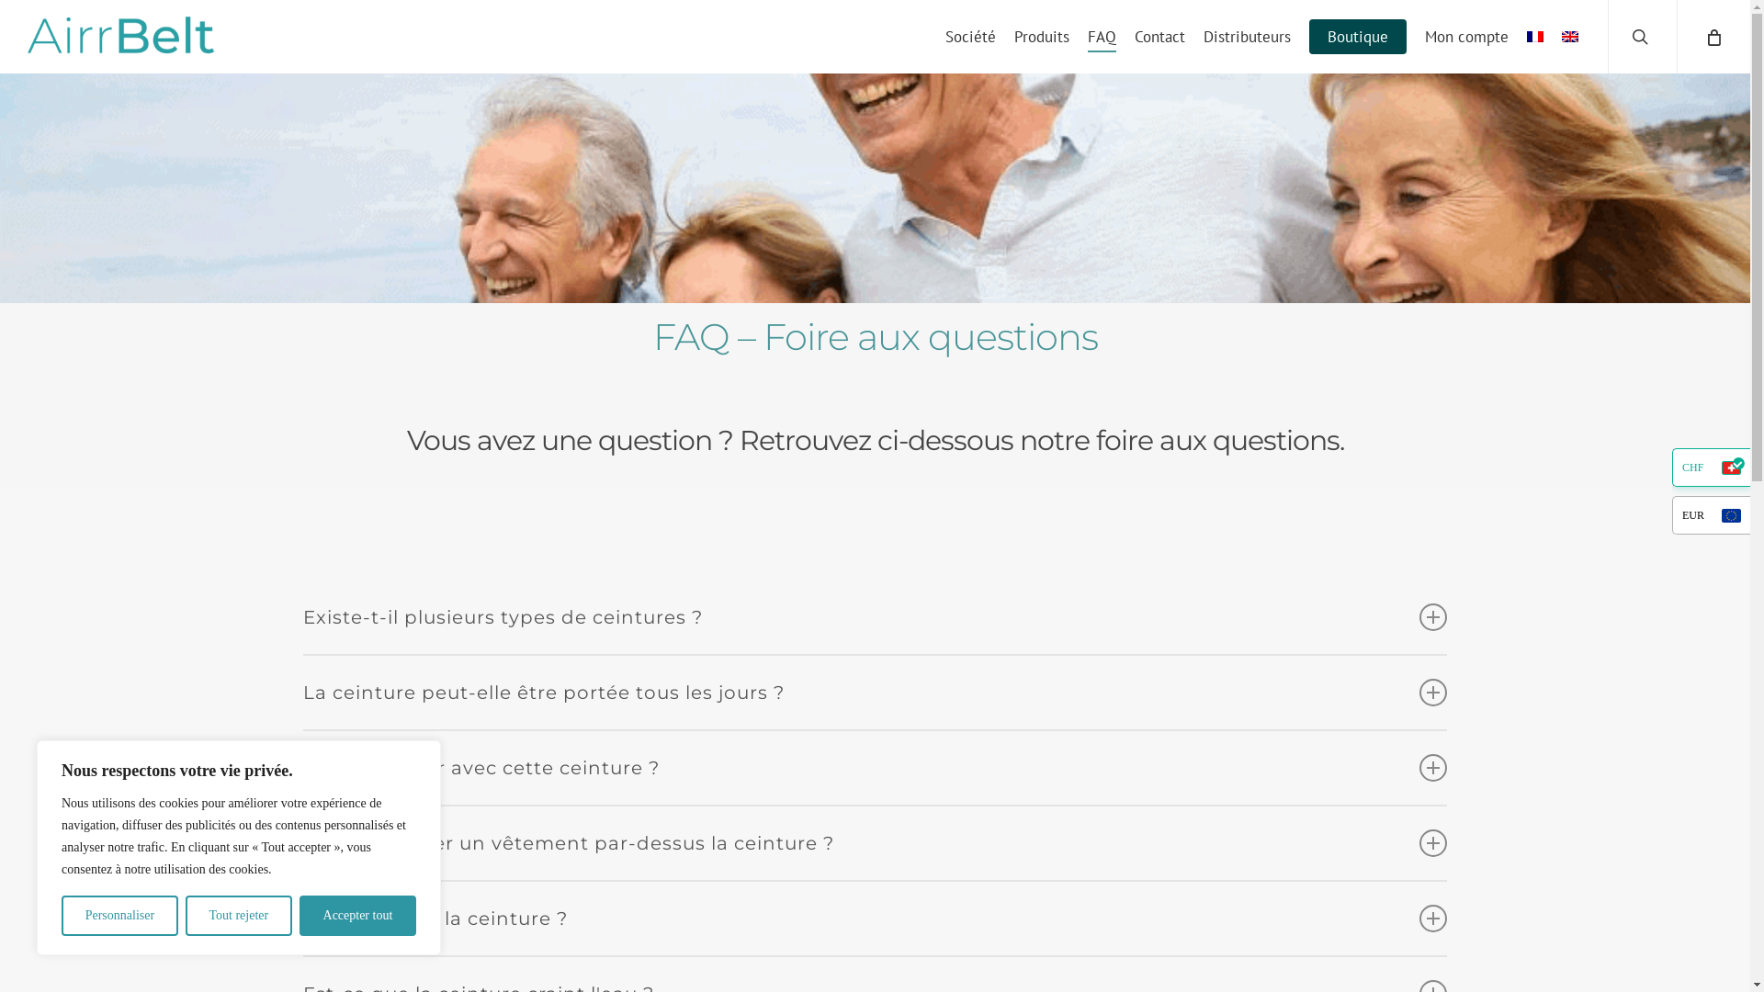  I want to click on 'FAQ', so click(1102, 36).